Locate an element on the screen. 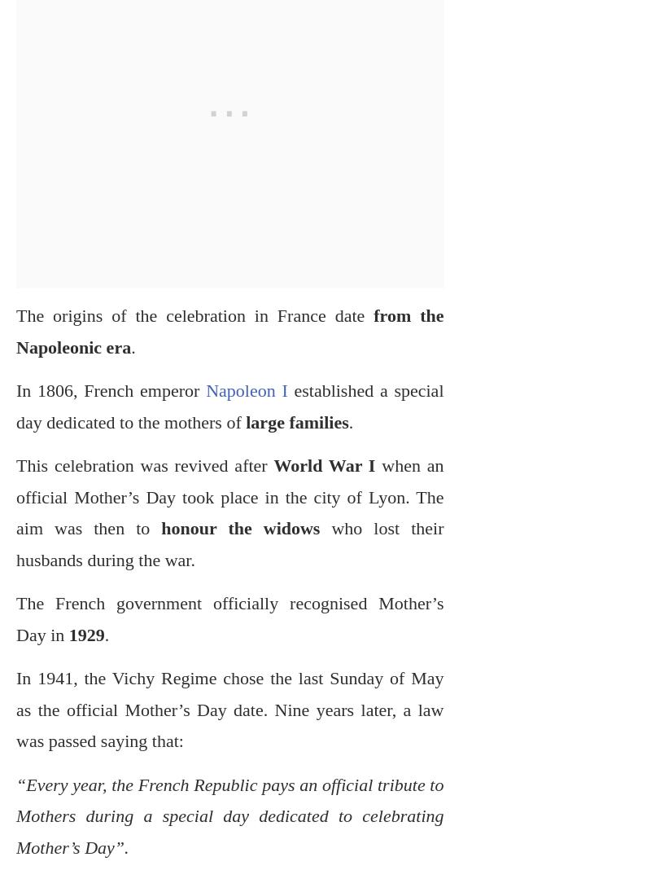 The width and height of the screenshot is (651, 879). 'from the Napoleonic era' is located at coordinates (16, 330).